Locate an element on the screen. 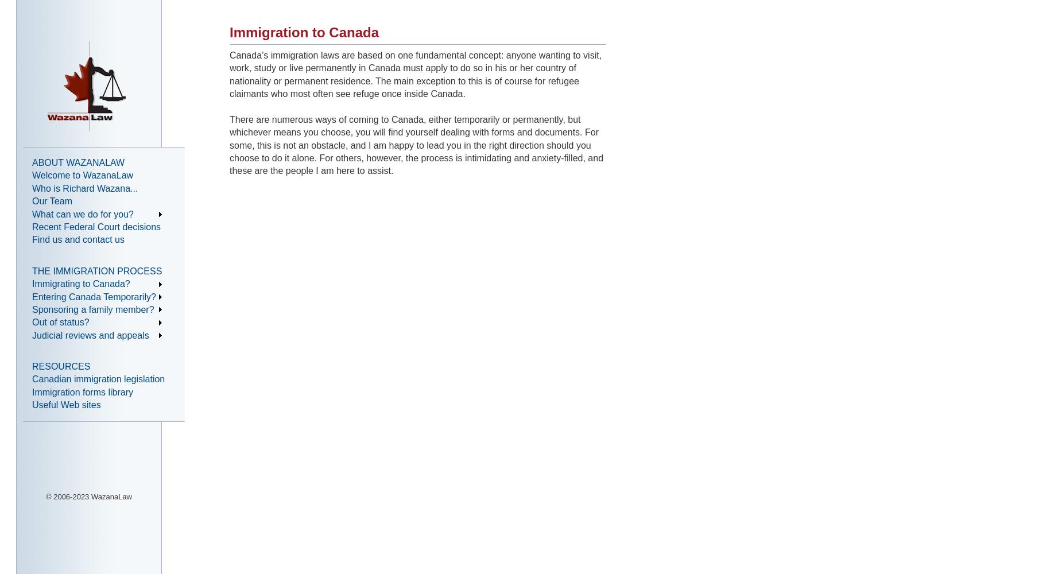  'Entering Canada Temporarily?' is located at coordinates (93, 296).